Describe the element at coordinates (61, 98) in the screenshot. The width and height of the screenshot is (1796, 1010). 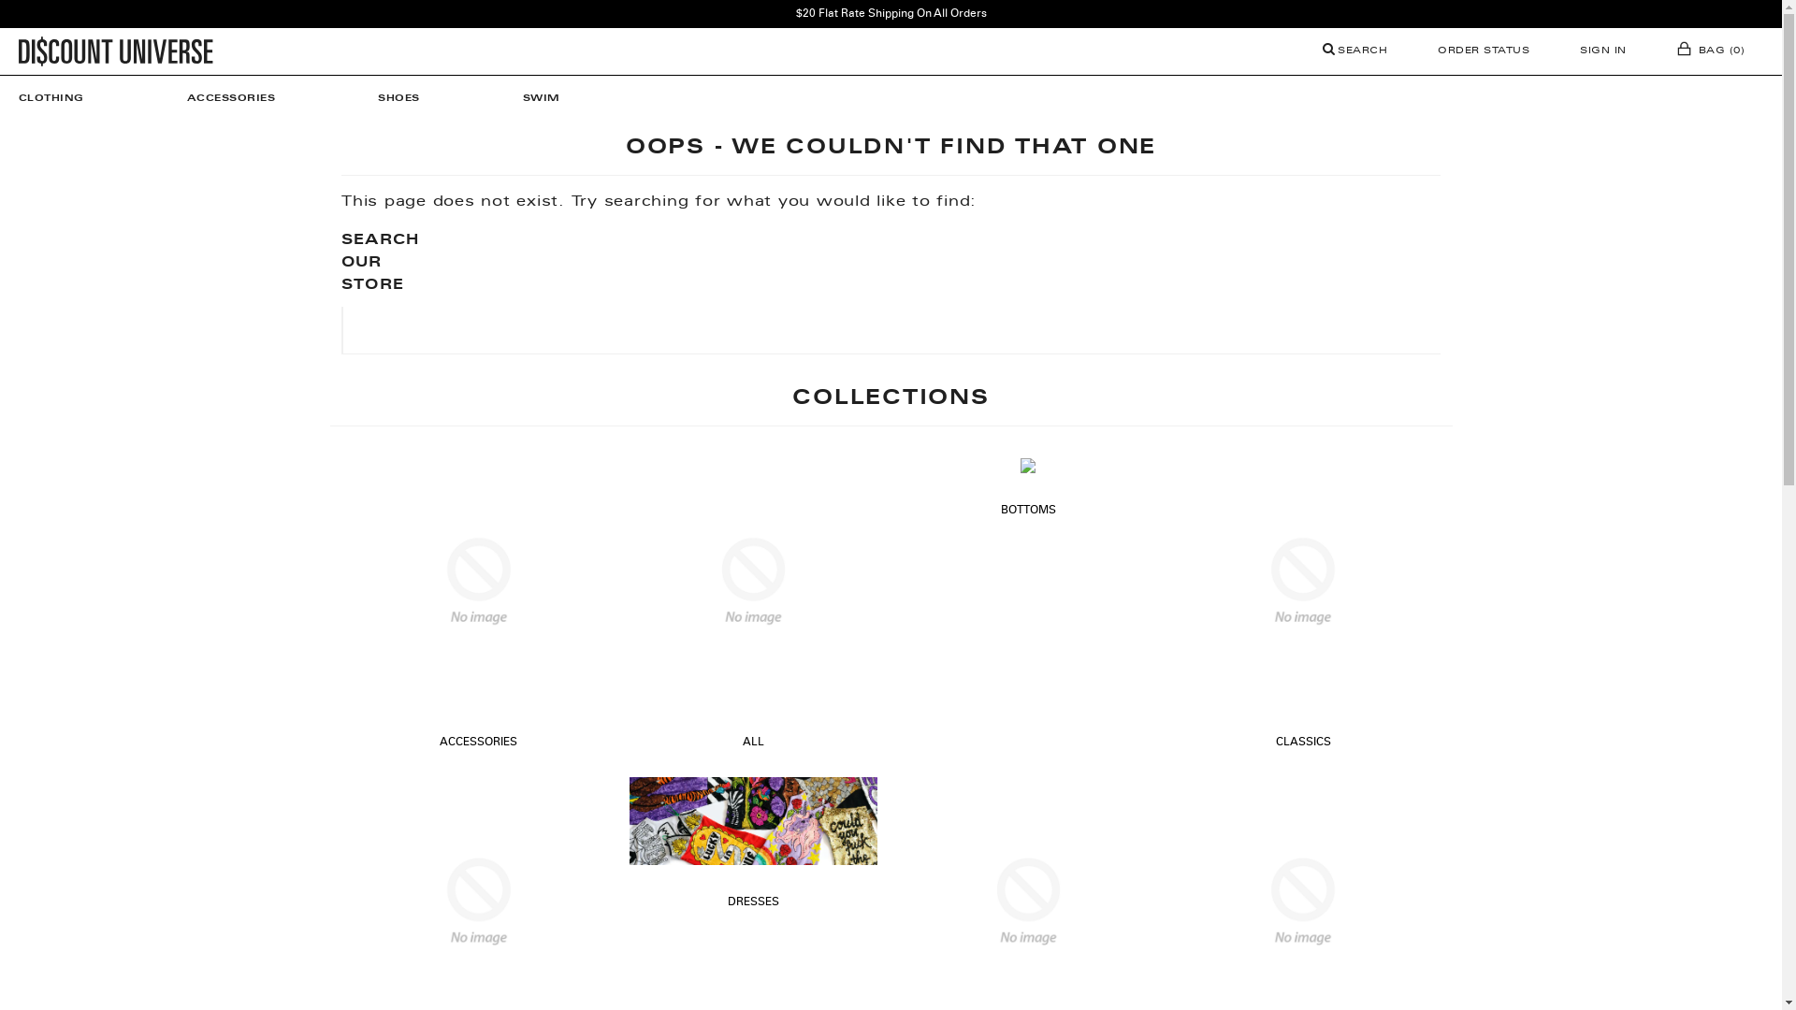
I see `'CLOTHING'` at that location.